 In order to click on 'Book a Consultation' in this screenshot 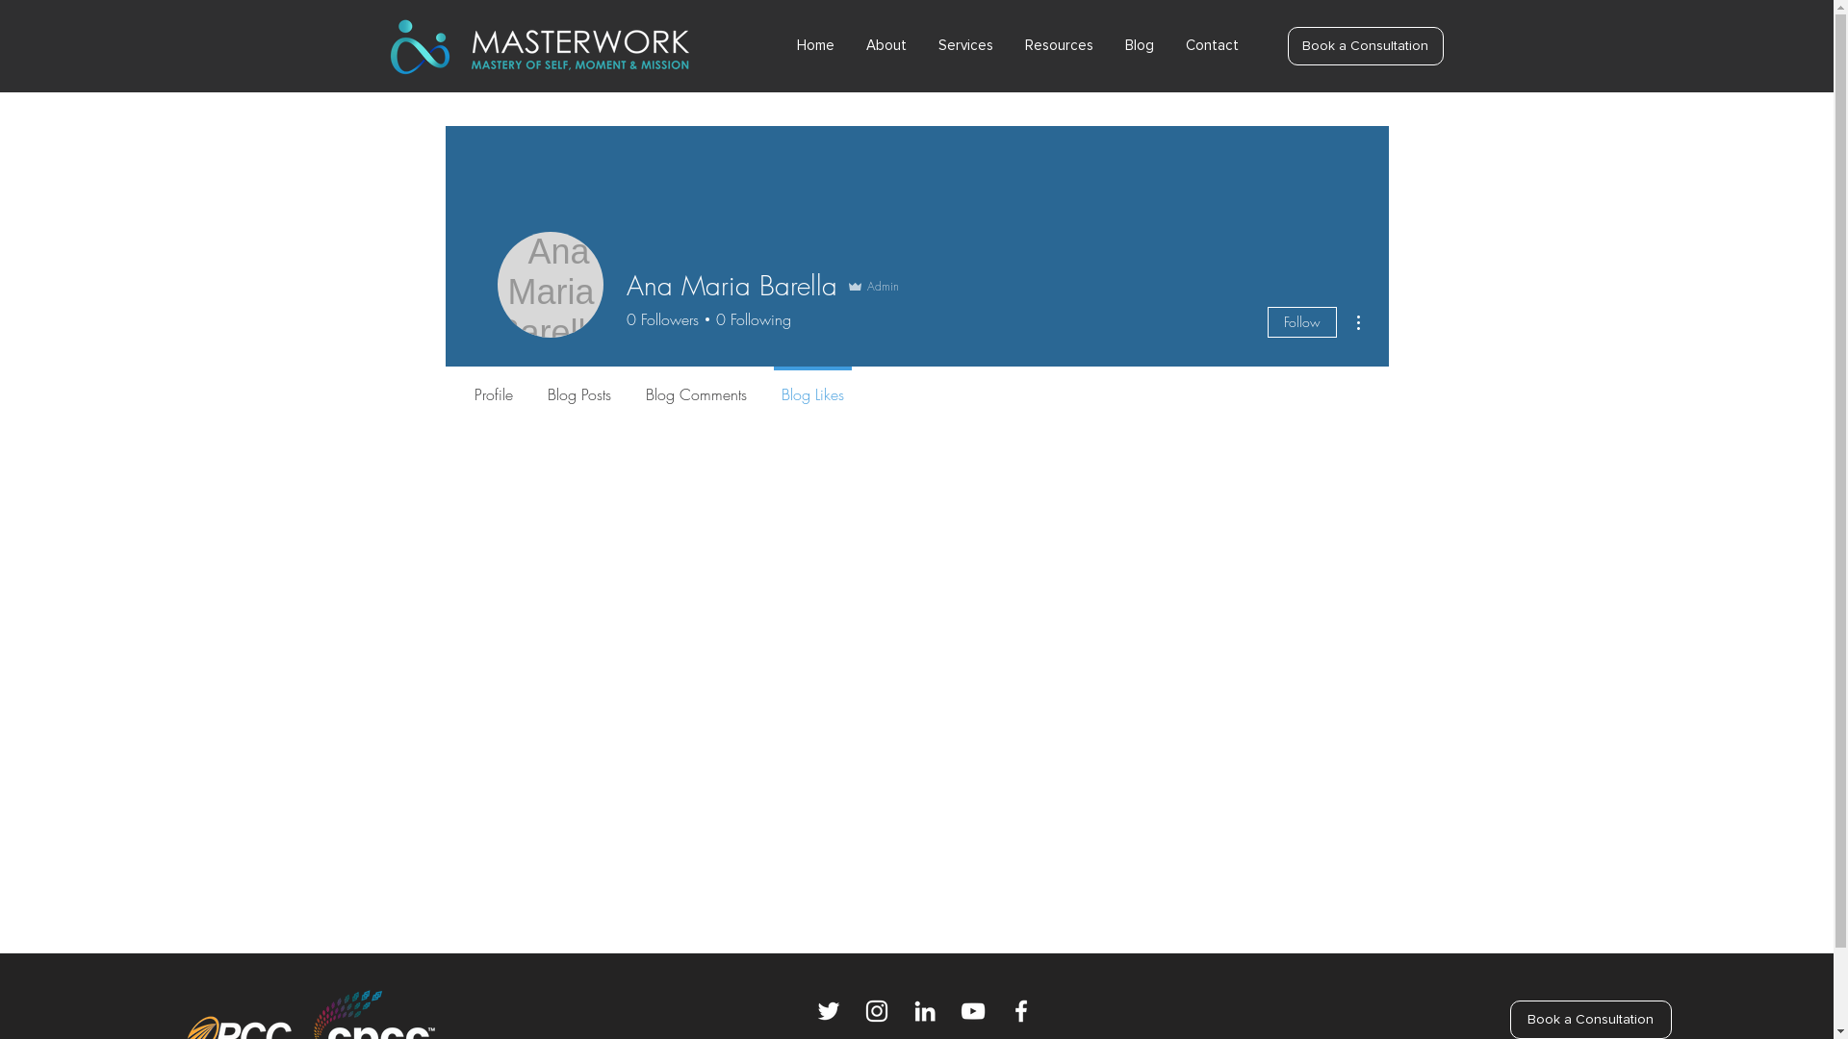, I will do `click(1288, 44)`.